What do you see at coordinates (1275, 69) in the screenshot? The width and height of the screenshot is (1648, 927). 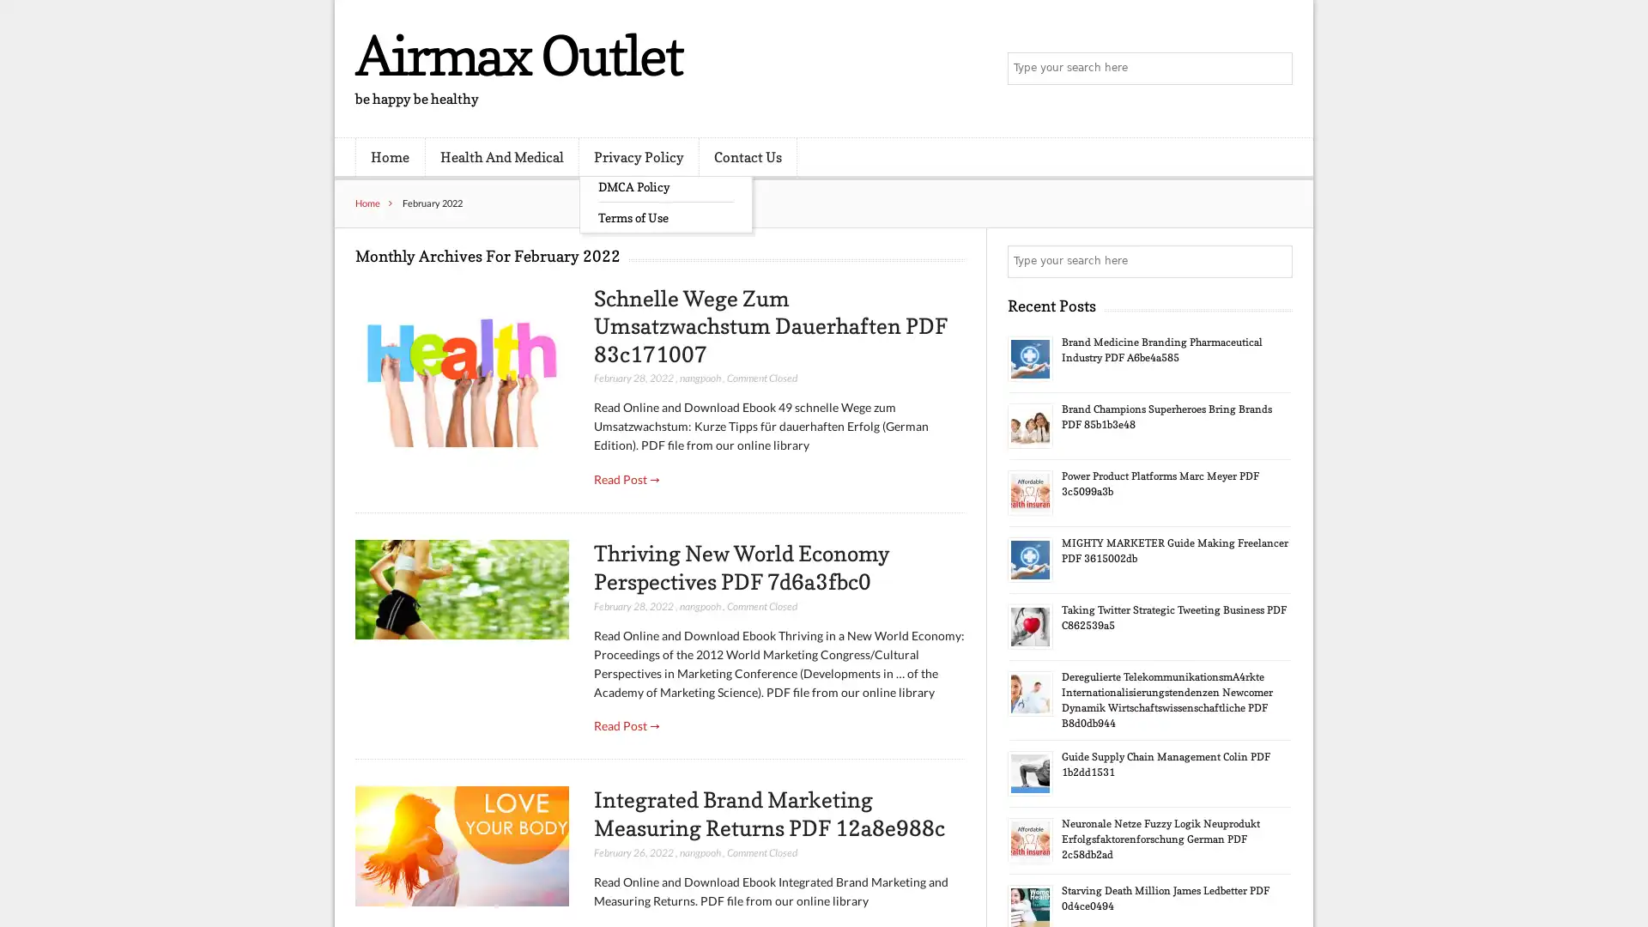 I see `Search` at bounding box center [1275, 69].